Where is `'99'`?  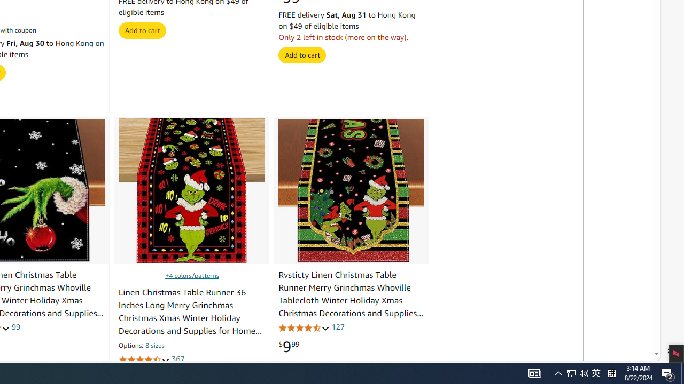 '99' is located at coordinates (15, 326).